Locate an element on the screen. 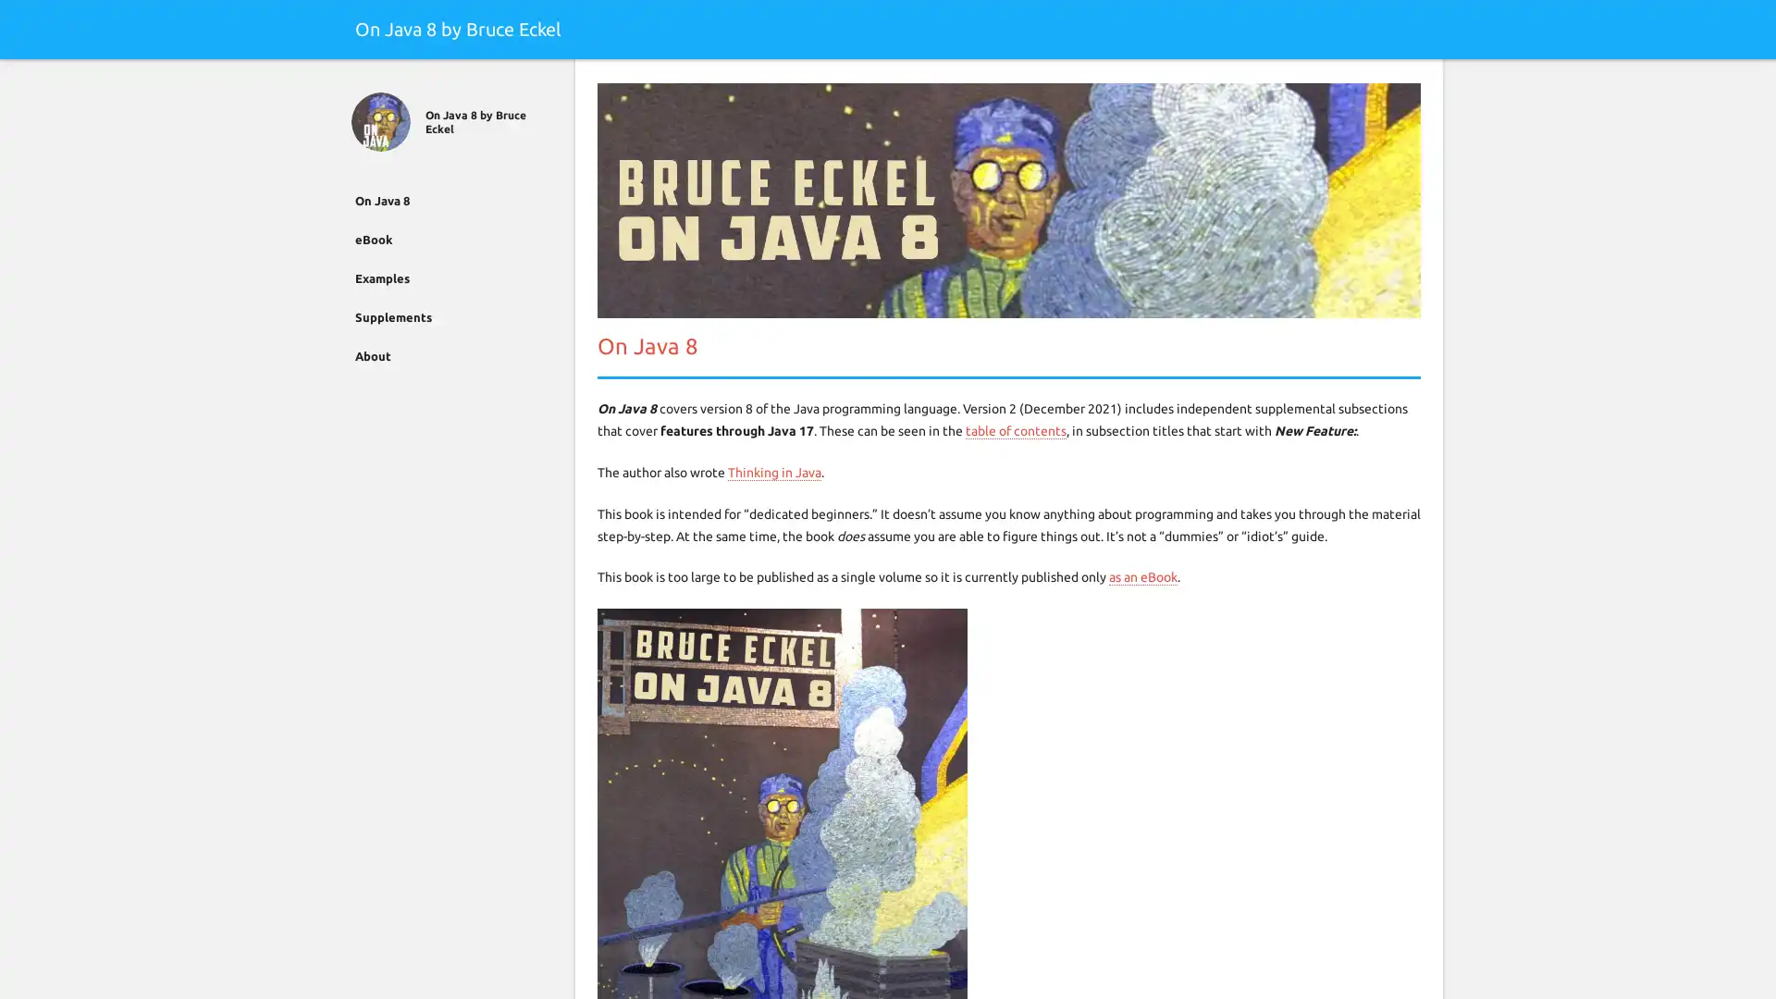 The height and width of the screenshot is (999, 1776). Search is located at coordinates (1416, 80).